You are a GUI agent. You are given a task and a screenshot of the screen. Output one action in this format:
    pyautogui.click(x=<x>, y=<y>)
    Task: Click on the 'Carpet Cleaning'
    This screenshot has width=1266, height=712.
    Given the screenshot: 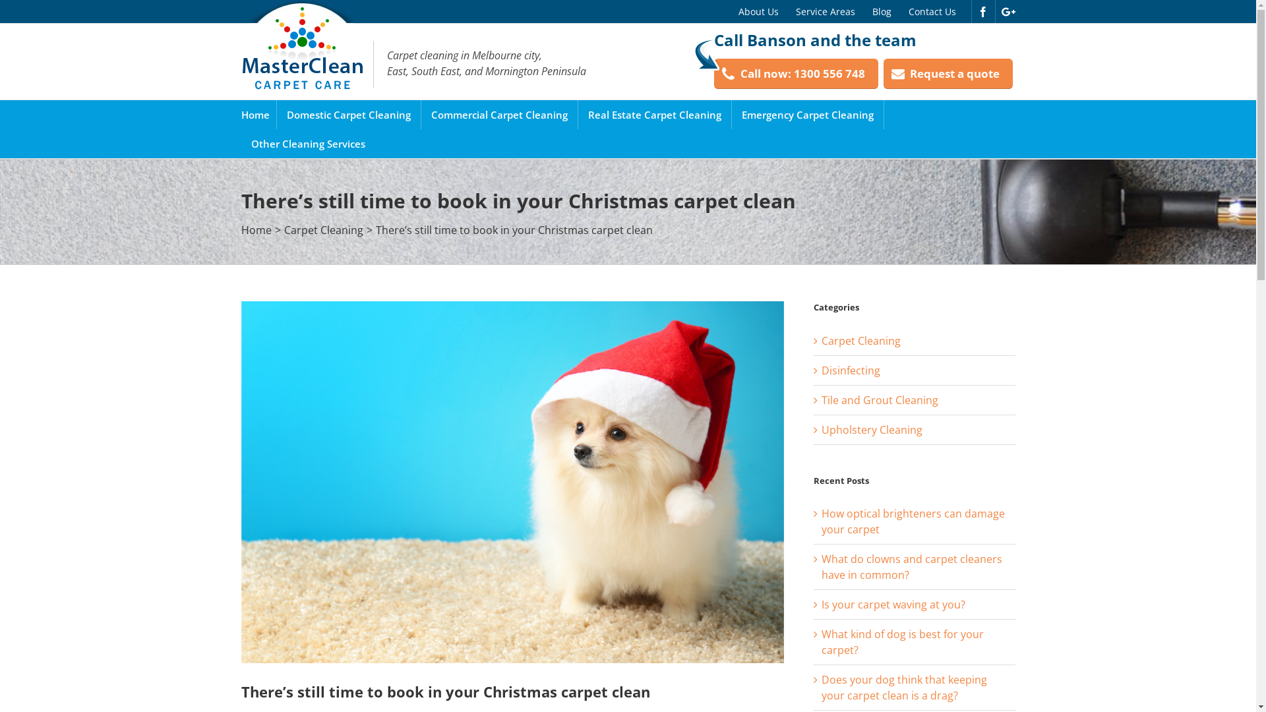 What is the action you would take?
    pyautogui.click(x=322, y=229)
    